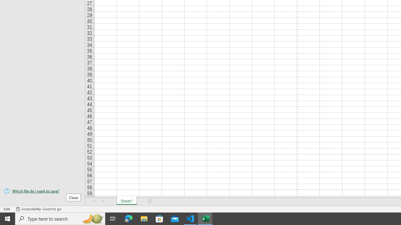 Image resolution: width=401 pixels, height=225 pixels. I want to click on 'Which file do I want to save?', so click(42, 191).